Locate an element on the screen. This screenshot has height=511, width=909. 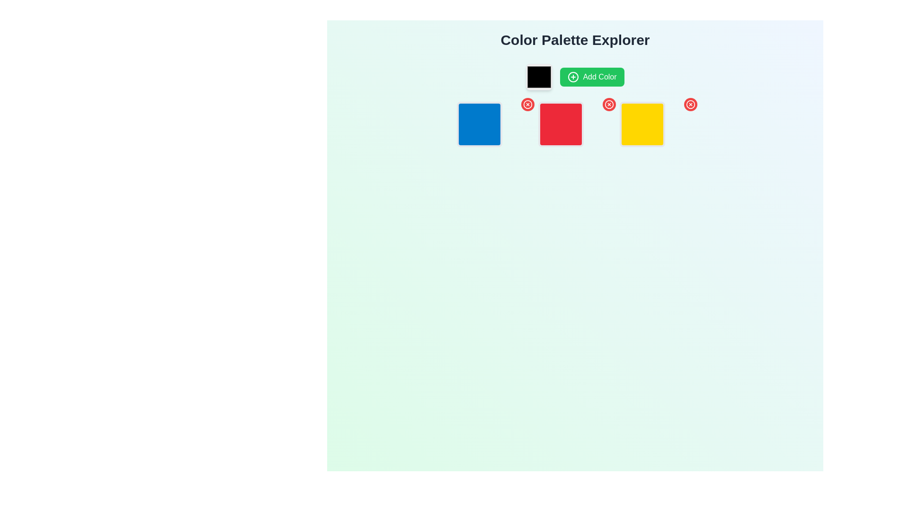
the delete button located at the top-right corner of the red square is located at coordinates (609, 104).